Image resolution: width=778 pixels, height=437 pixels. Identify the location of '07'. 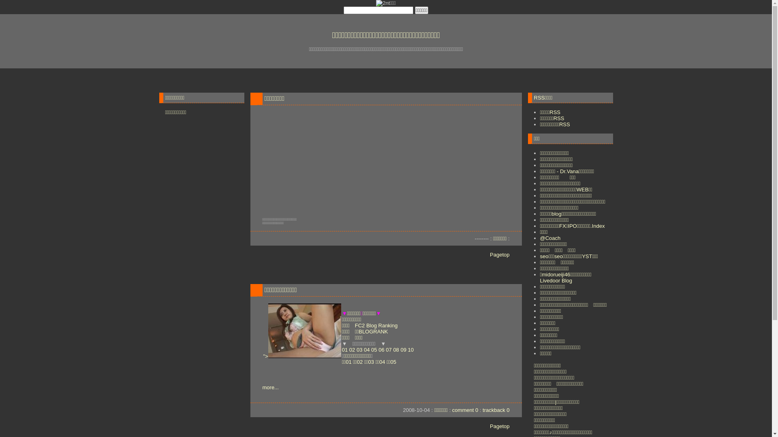
(388, 349).